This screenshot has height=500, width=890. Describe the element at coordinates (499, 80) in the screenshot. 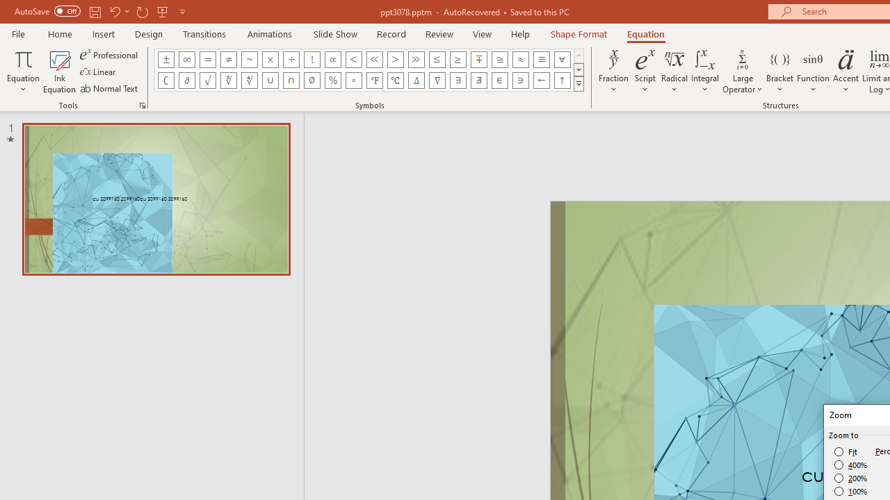

I see `'Equation Symbol Element Of'` at that location.